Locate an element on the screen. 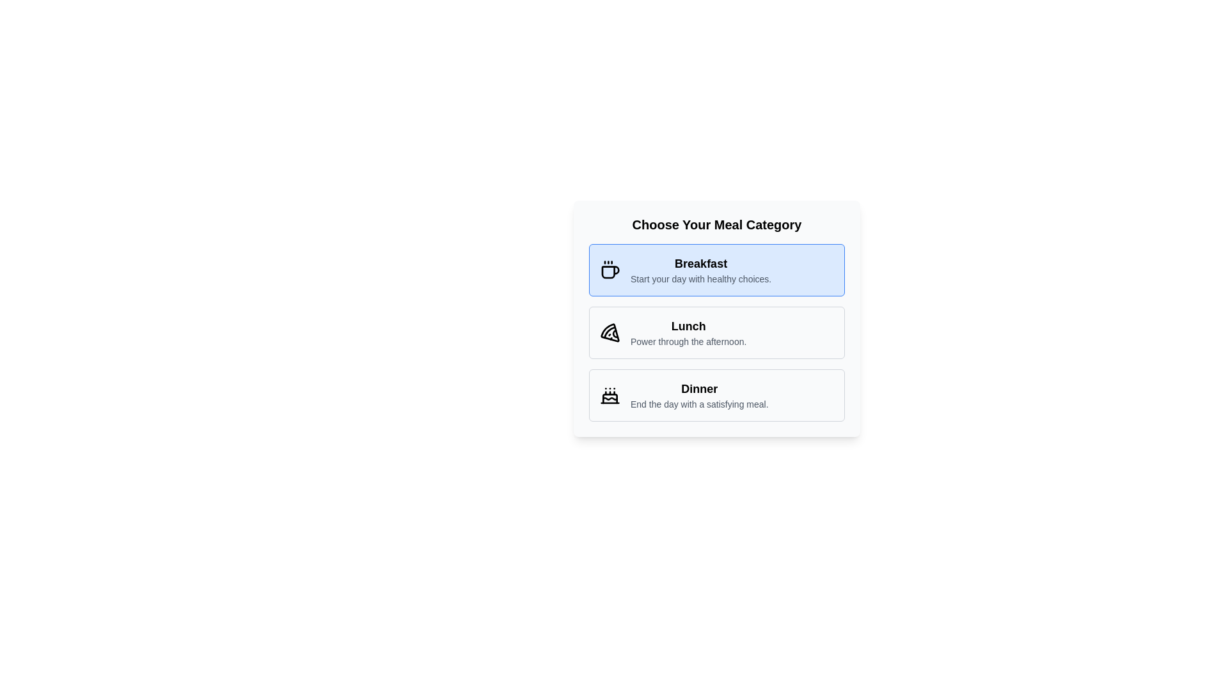 The image size is (1228, 690). the descriptive text label related to the 'Breakfast' category in the meal selection interface, which is positioned directly below the 'Breakfast' text is located at coordinates (700, 278).